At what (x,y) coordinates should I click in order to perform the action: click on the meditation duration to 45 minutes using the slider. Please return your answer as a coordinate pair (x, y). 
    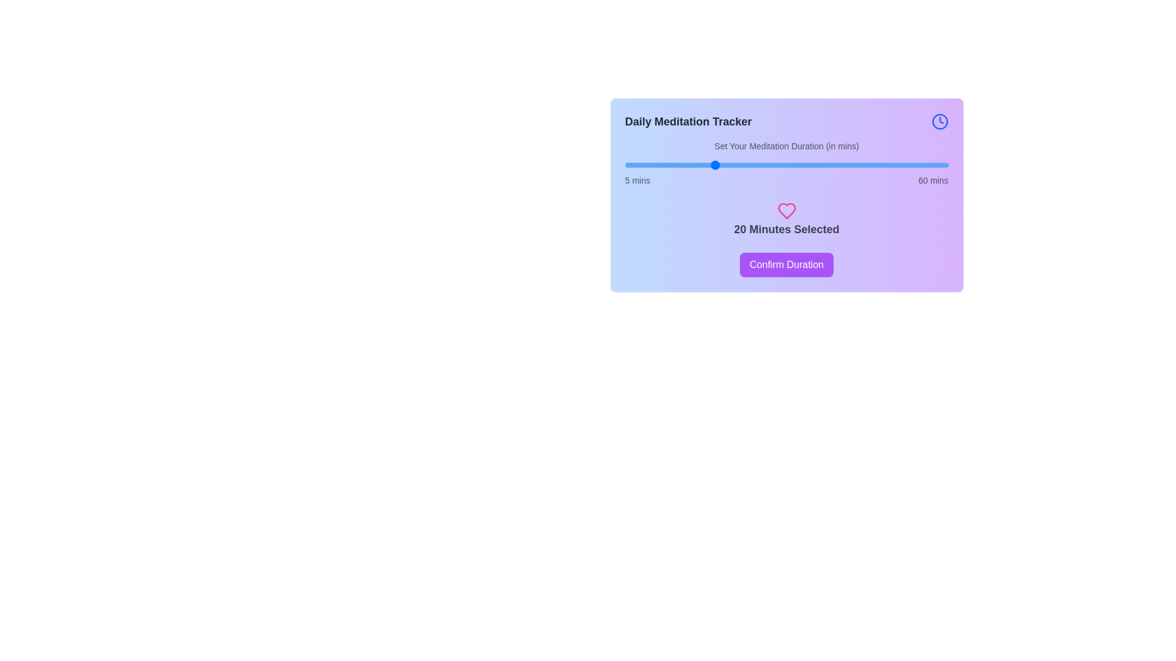
    Looking at the image, I should click on (859, 165).